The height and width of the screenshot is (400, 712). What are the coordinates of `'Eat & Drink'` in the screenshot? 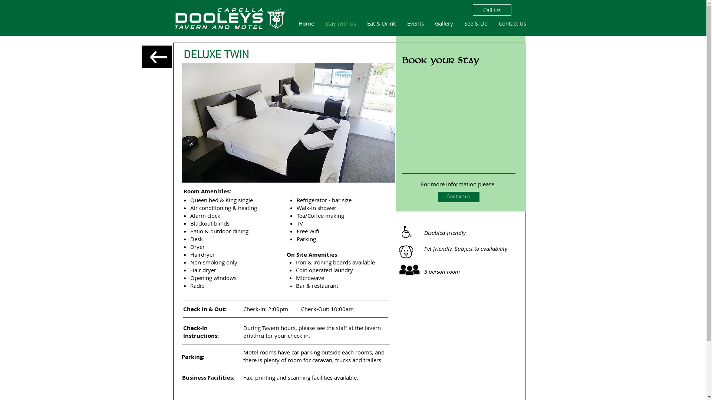 It's located at (361, 23).